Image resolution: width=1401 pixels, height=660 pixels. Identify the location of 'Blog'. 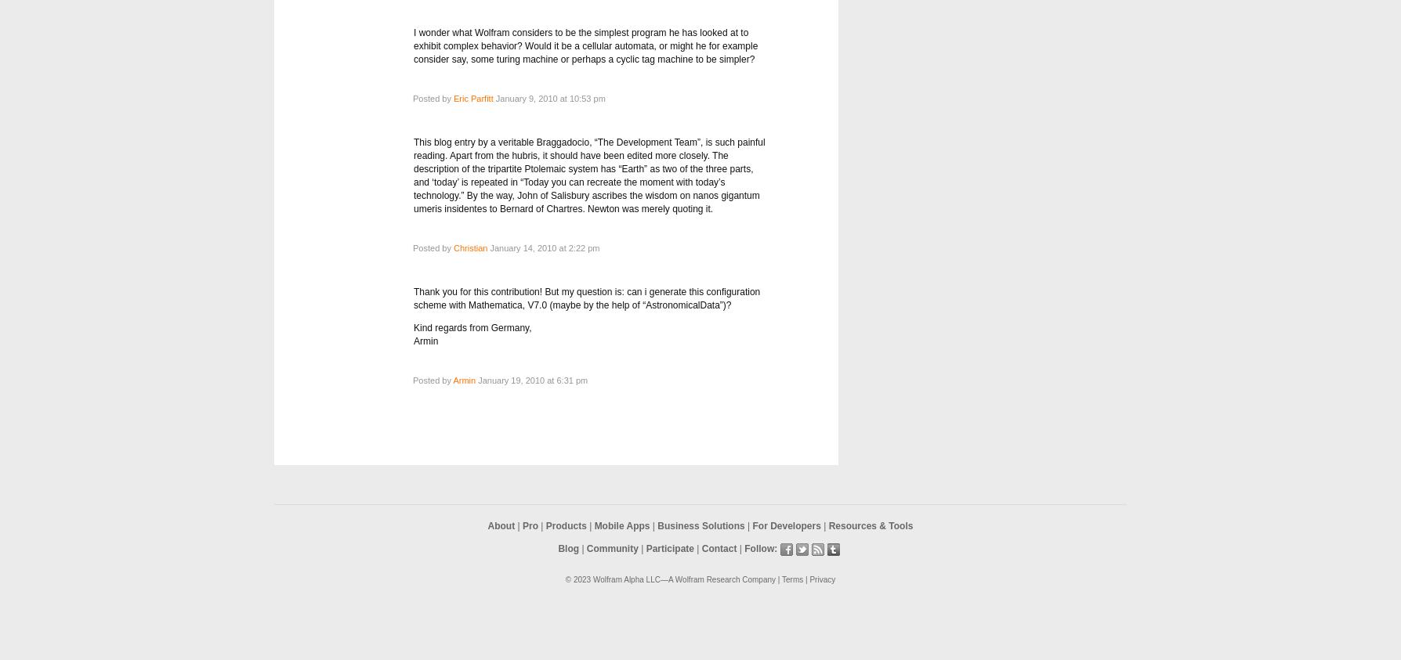
(567, 548).